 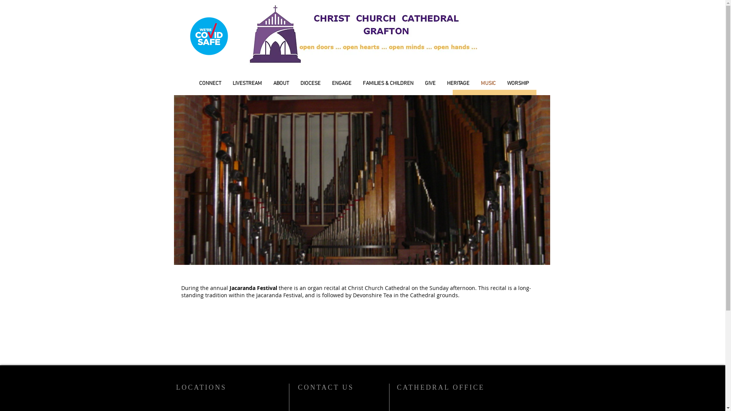 I want to click on 'ENGAGE', so click(x=326, y=83).